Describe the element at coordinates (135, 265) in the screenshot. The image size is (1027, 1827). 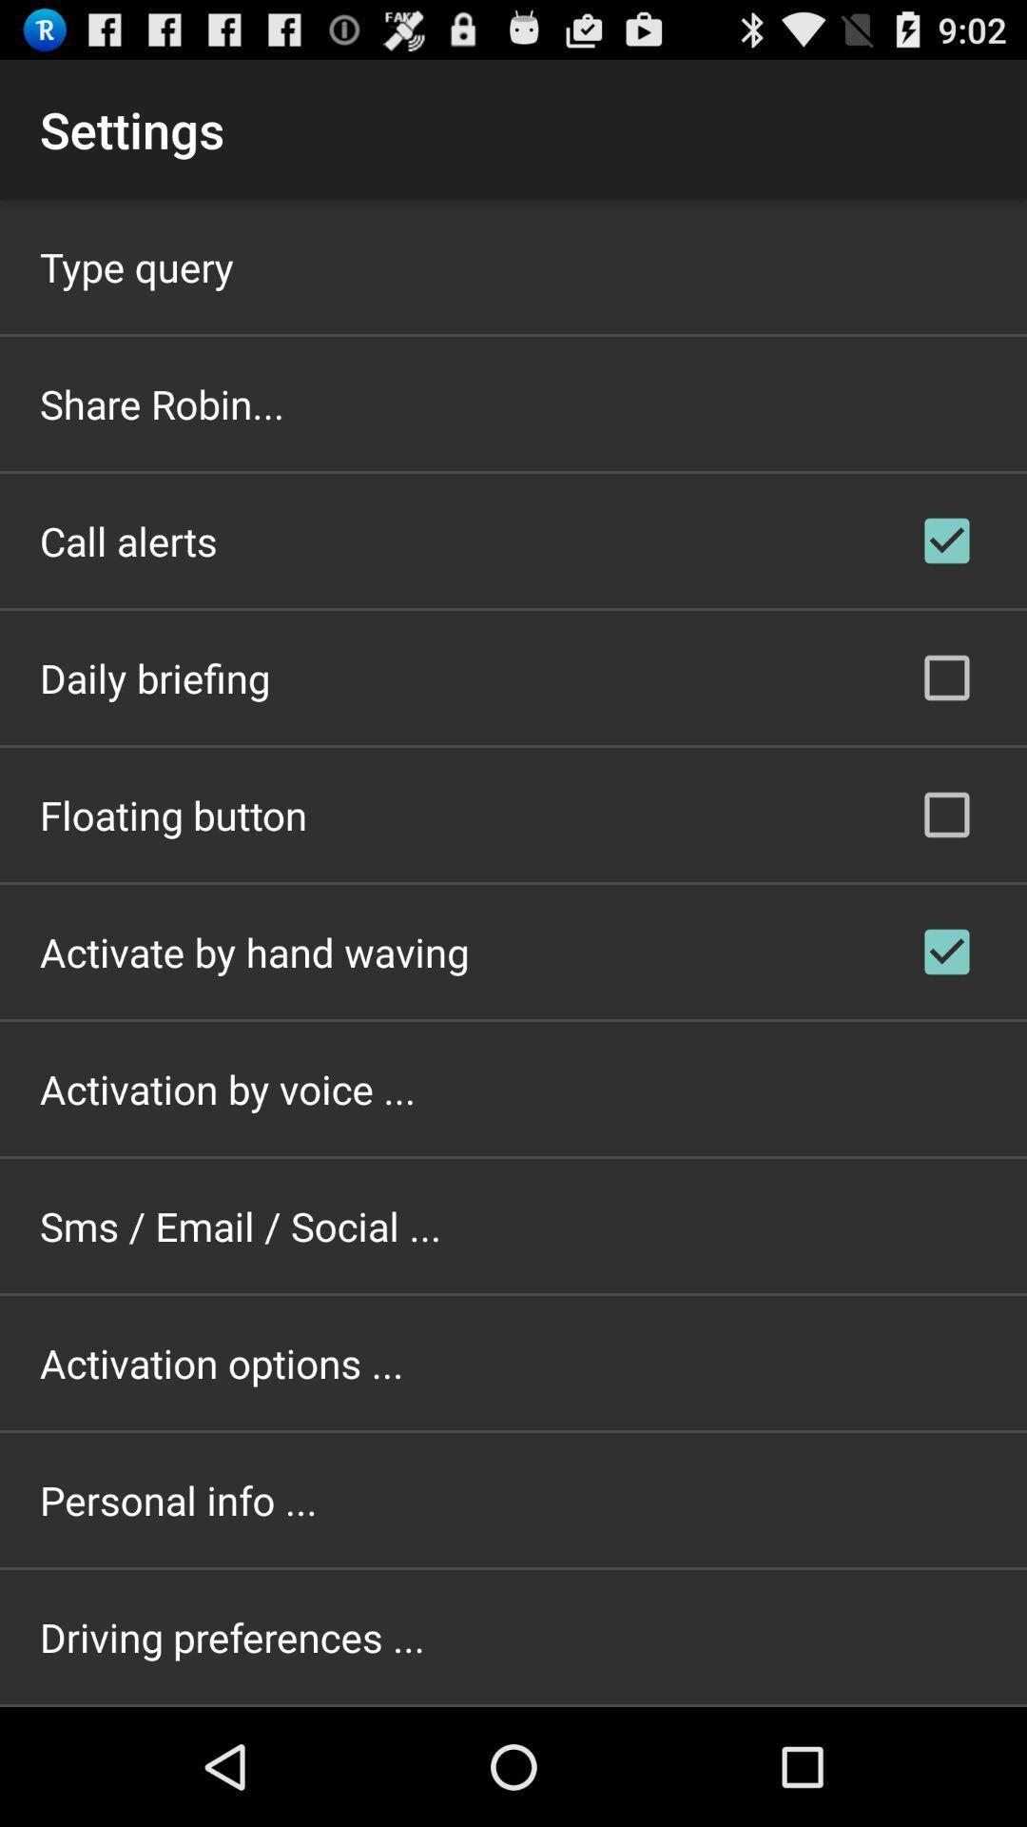
I see `the icon below the settings app` at that location.